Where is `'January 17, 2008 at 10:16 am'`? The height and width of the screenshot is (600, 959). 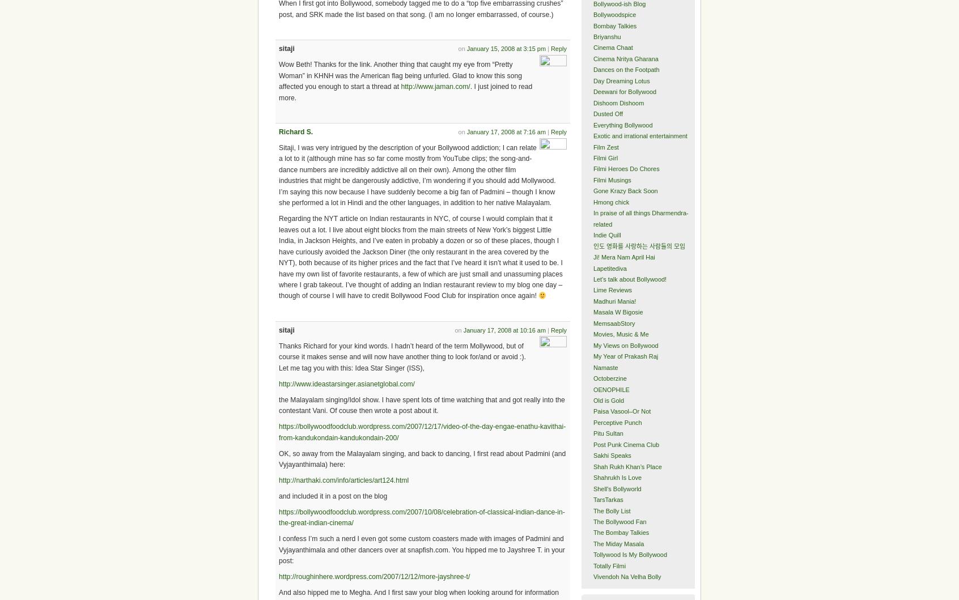 'January 17, 2008 at 10:16 am' is located at coordinates (503, 329).